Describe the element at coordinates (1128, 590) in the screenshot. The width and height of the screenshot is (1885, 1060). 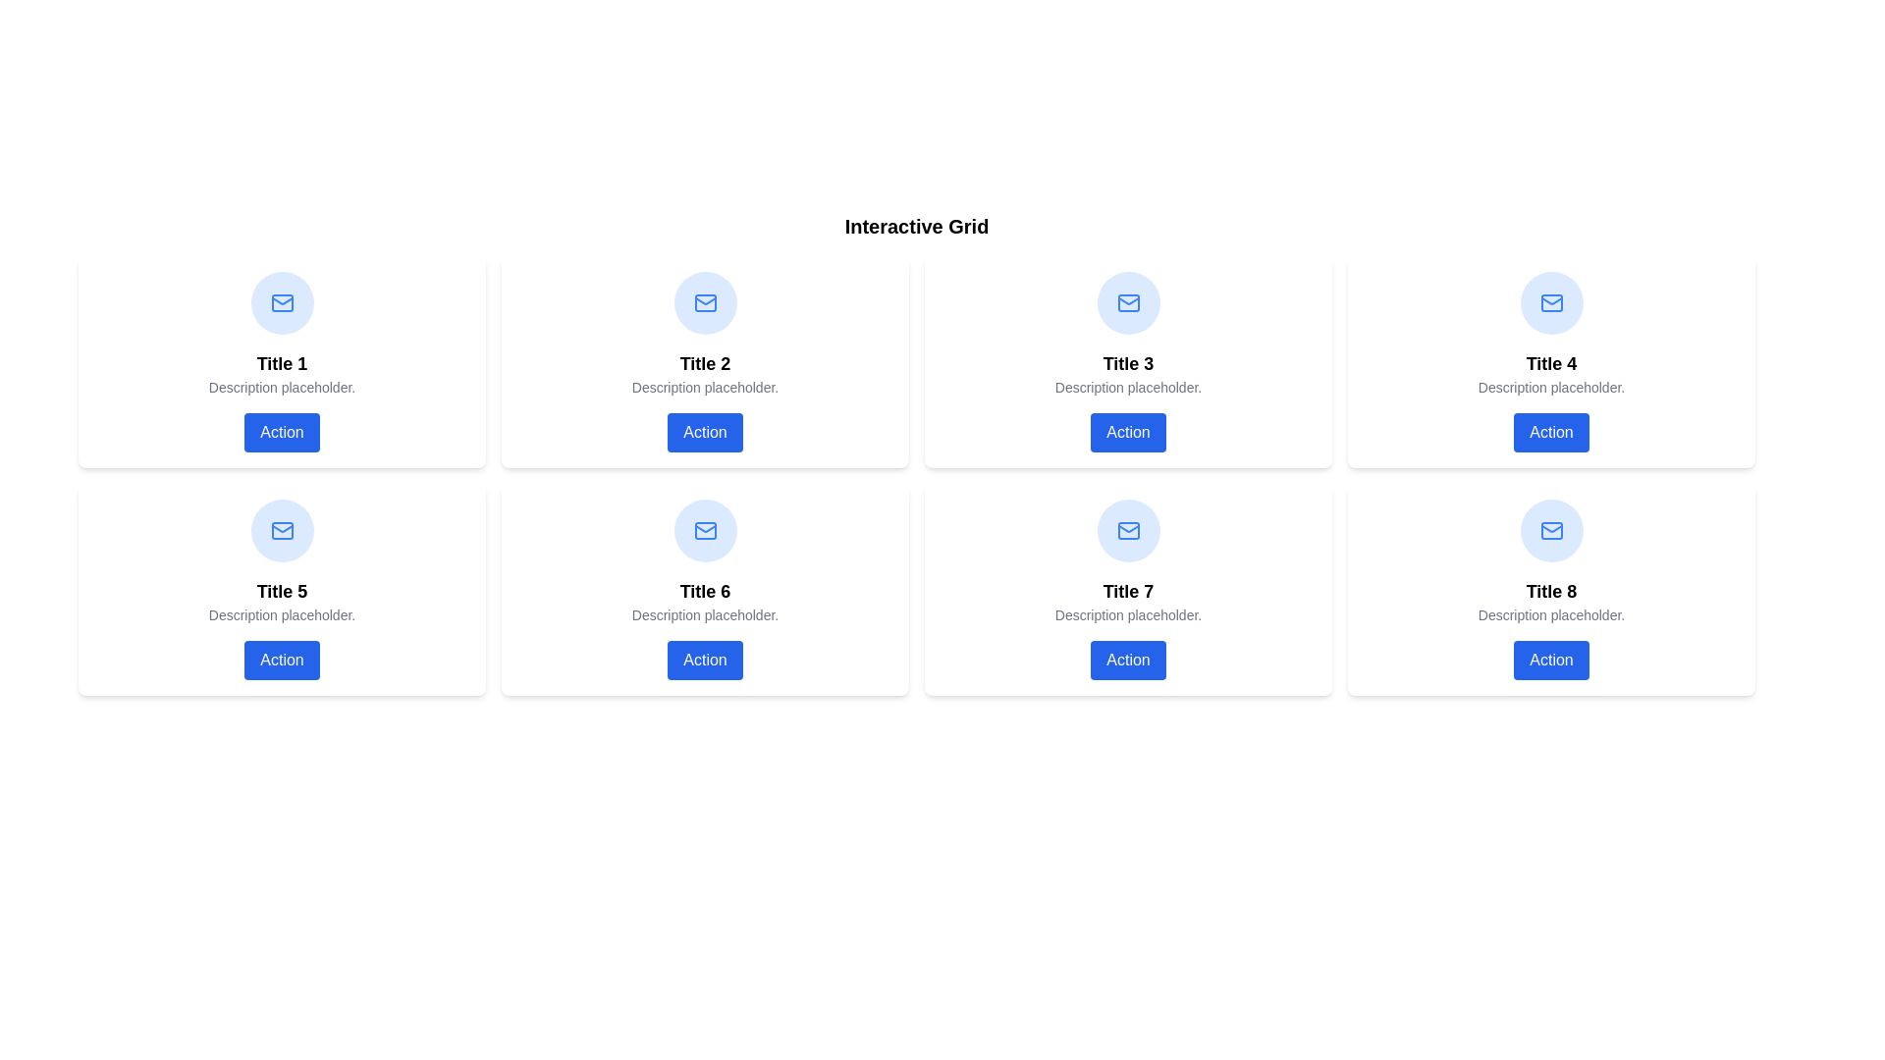
I see `text element displaying 'Title 7' which is located in the second row and third column of a card layout` at that location.